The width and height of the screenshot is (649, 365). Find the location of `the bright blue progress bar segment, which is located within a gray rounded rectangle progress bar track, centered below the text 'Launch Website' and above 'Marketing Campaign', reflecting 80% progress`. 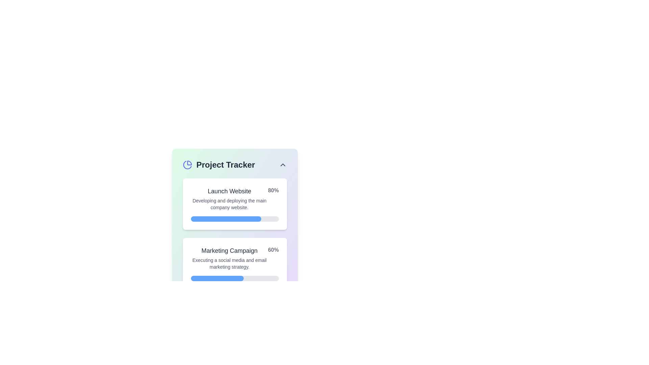

the bright blue progress bar segment, which is located within a gray rounded rectangle progress bar track, centered below the text 'Launch Website' and above 'Marketing Campaign', reflecting 80% progress is located at coordinates (226, 219).